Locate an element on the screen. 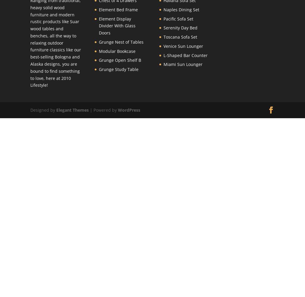 Image resolution: width=305 pixels, height=297 pixels. 'Element Bed Frame' is located at coordinates (118, 9).